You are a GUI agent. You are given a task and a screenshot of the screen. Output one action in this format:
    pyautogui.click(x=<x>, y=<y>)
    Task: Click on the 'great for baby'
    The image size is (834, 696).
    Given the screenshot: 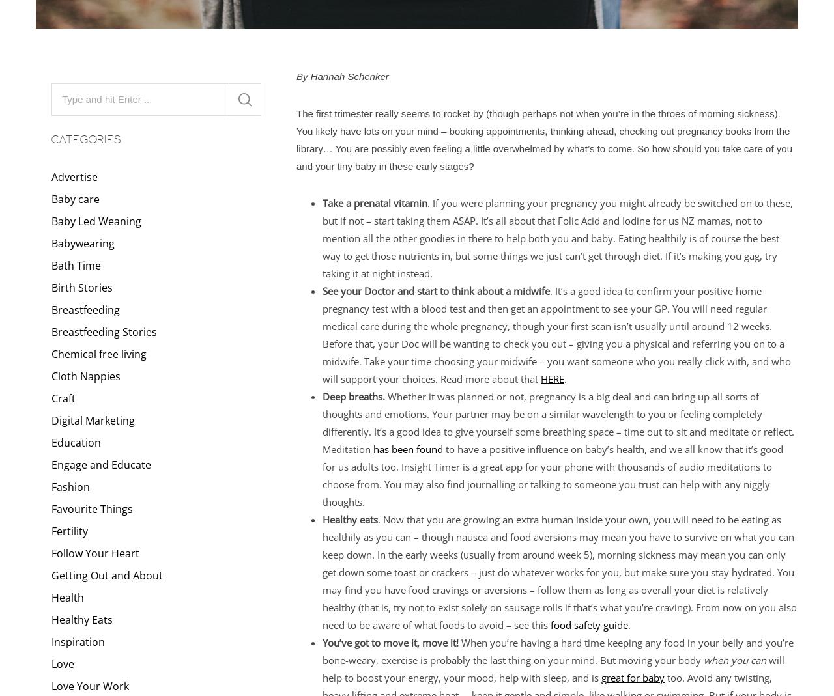 What is the action you would take?
    pyautogui.click(x=633, y=677)
    